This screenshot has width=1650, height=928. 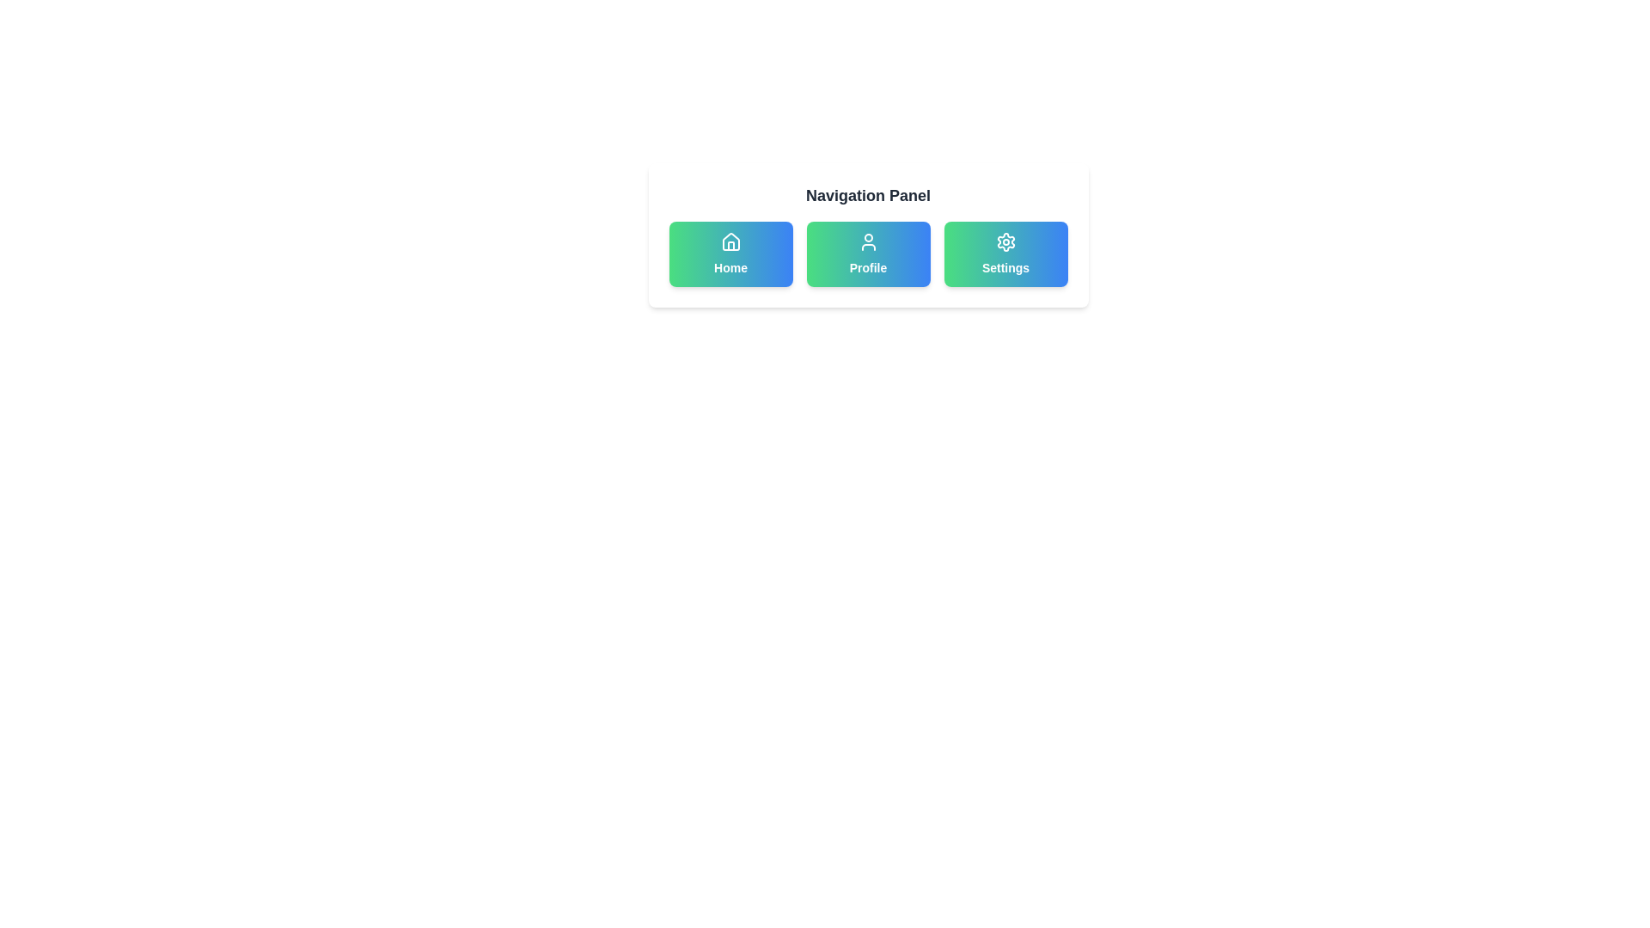 What do you see at coordinates (730, 241) in the screenshot?
I see `the home icon located in the navigation panel, which is the leftmost button among three buttons used for navigating to the homepage` at bounding box center [730, 241].